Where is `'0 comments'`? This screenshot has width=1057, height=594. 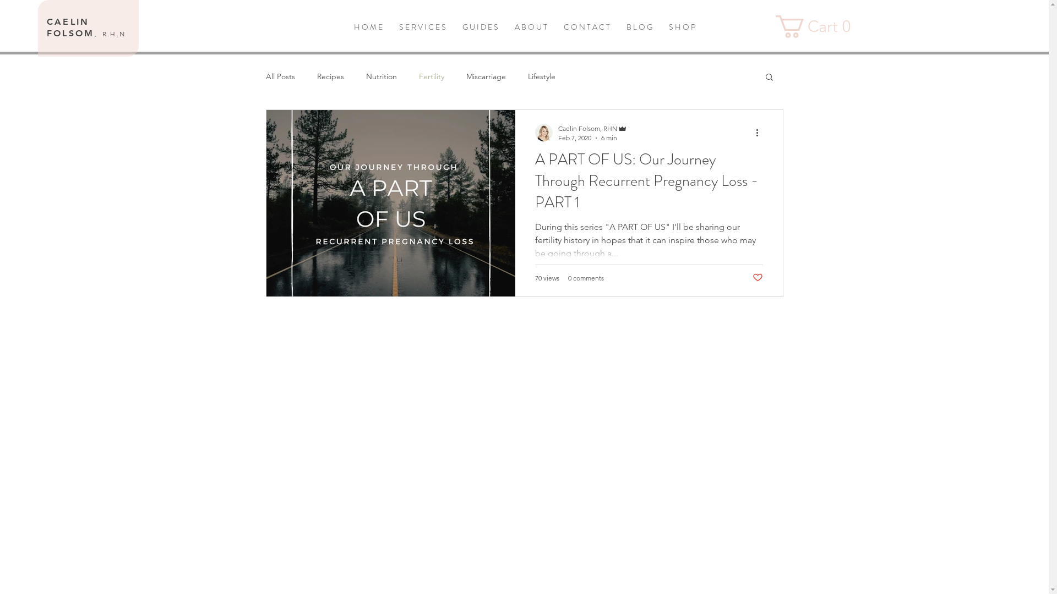 '0 comments' is located at coordinates (568, 277).